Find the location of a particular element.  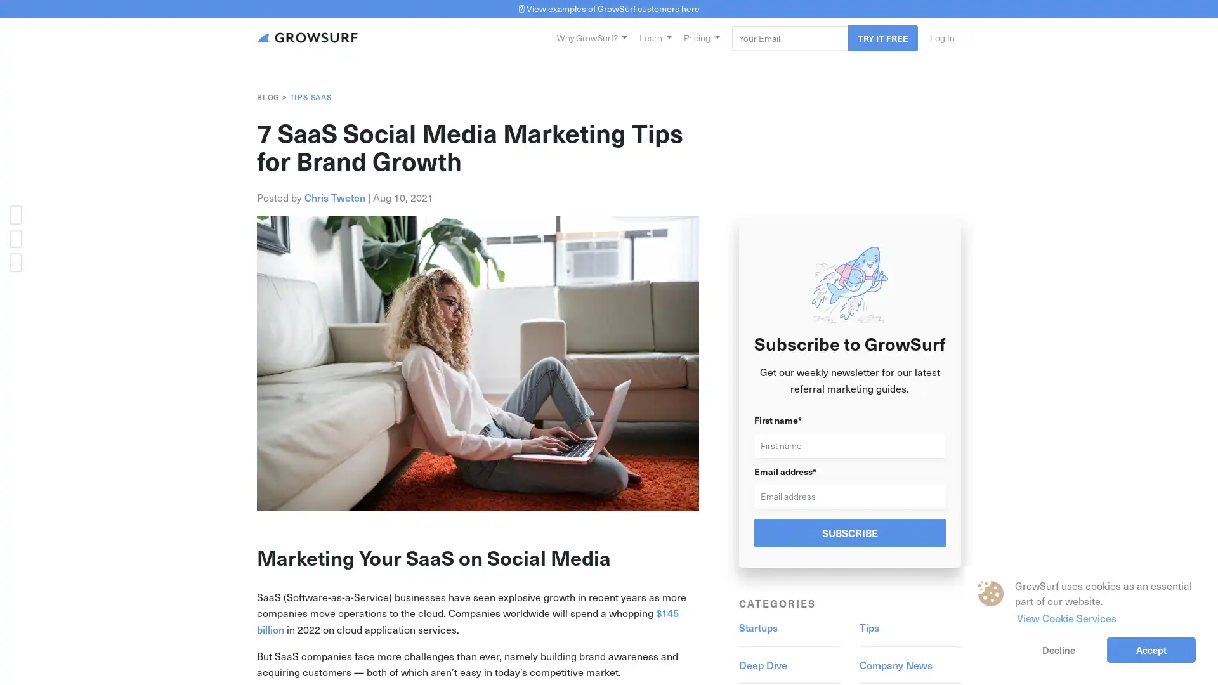

dismiss cookie message is located at coordinates (1058, 649).